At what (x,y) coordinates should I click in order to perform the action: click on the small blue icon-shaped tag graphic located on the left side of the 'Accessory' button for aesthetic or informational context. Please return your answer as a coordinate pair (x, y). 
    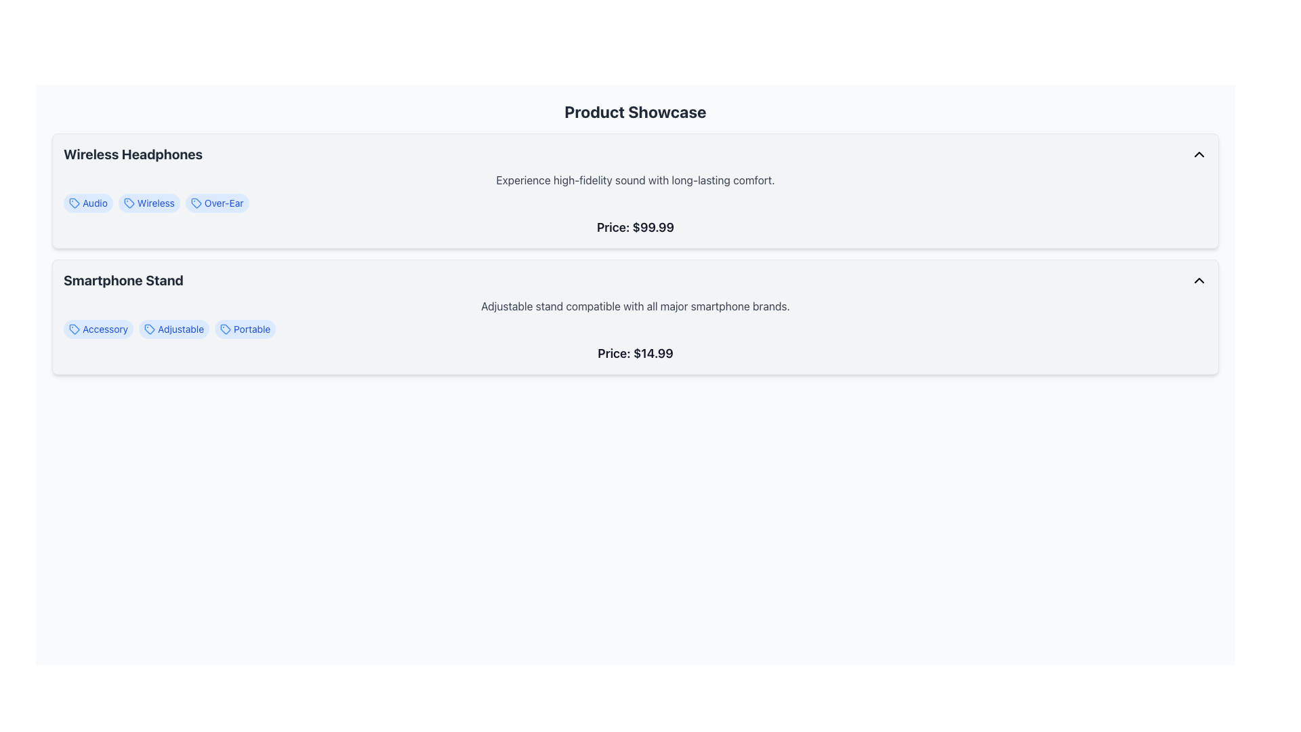
    Looking at the image, I should click on (74, 329).